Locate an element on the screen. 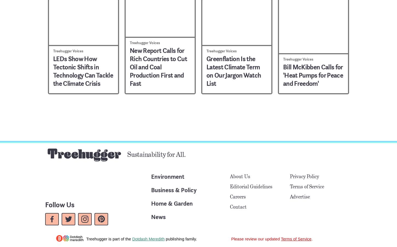  'News' is located at coordinates (158, 216).